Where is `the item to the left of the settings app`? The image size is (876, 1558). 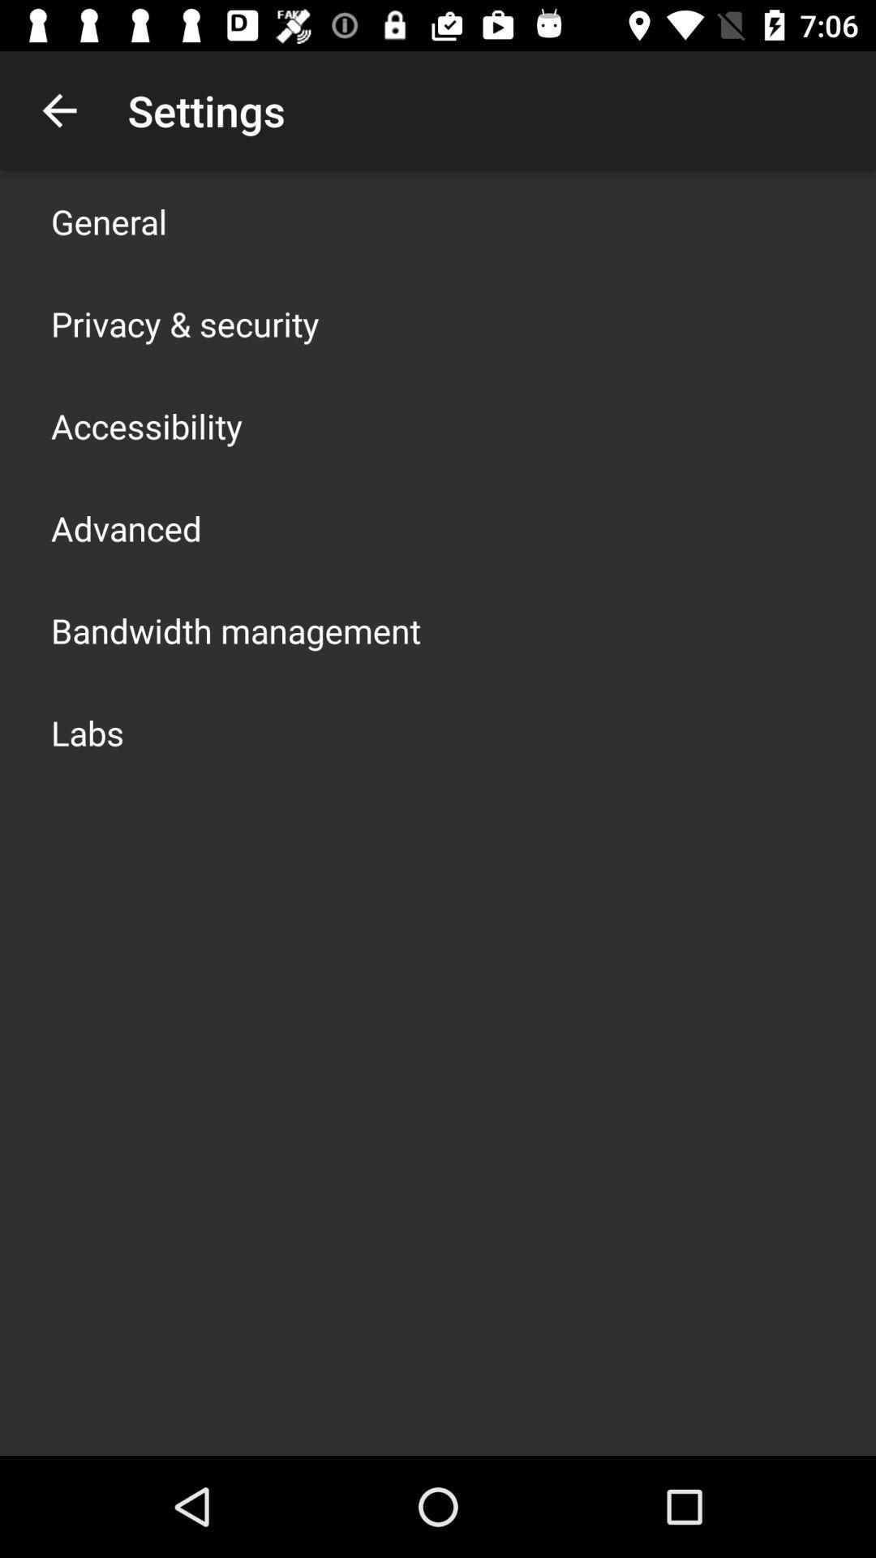 the item to the left of the settings app is located at coordinates (58, 110).